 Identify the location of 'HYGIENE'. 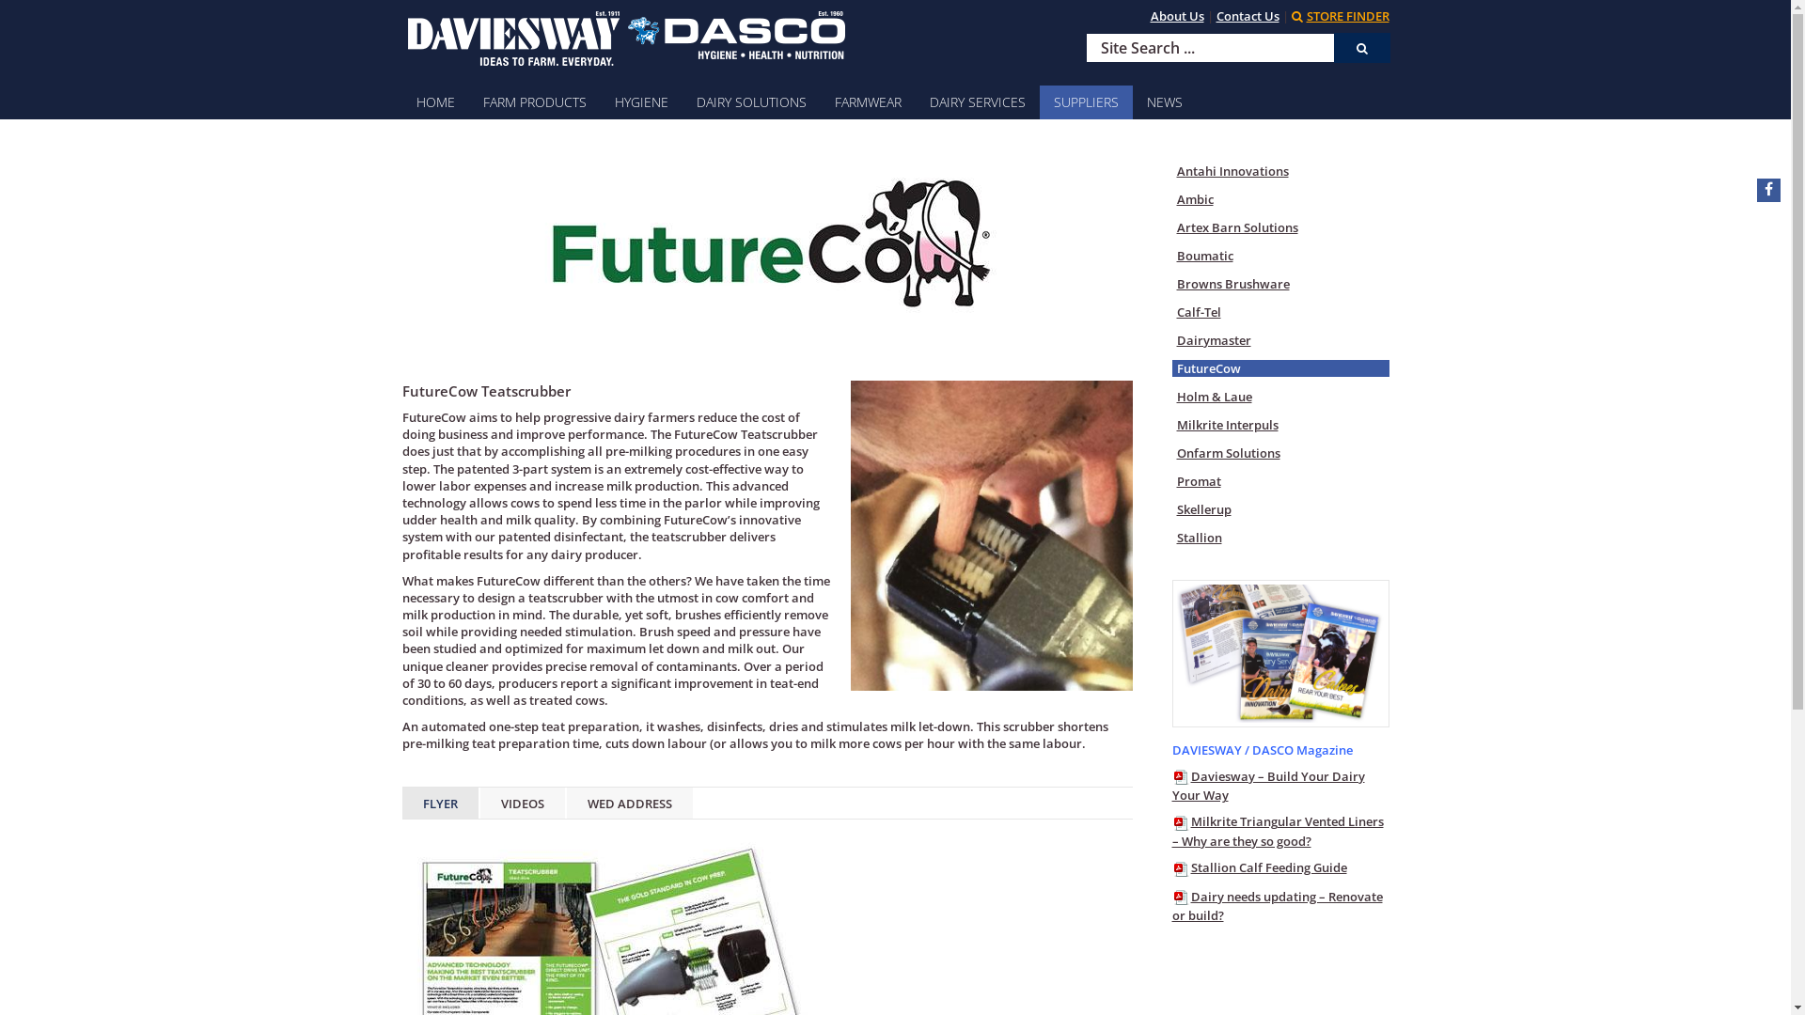
(640, 101).